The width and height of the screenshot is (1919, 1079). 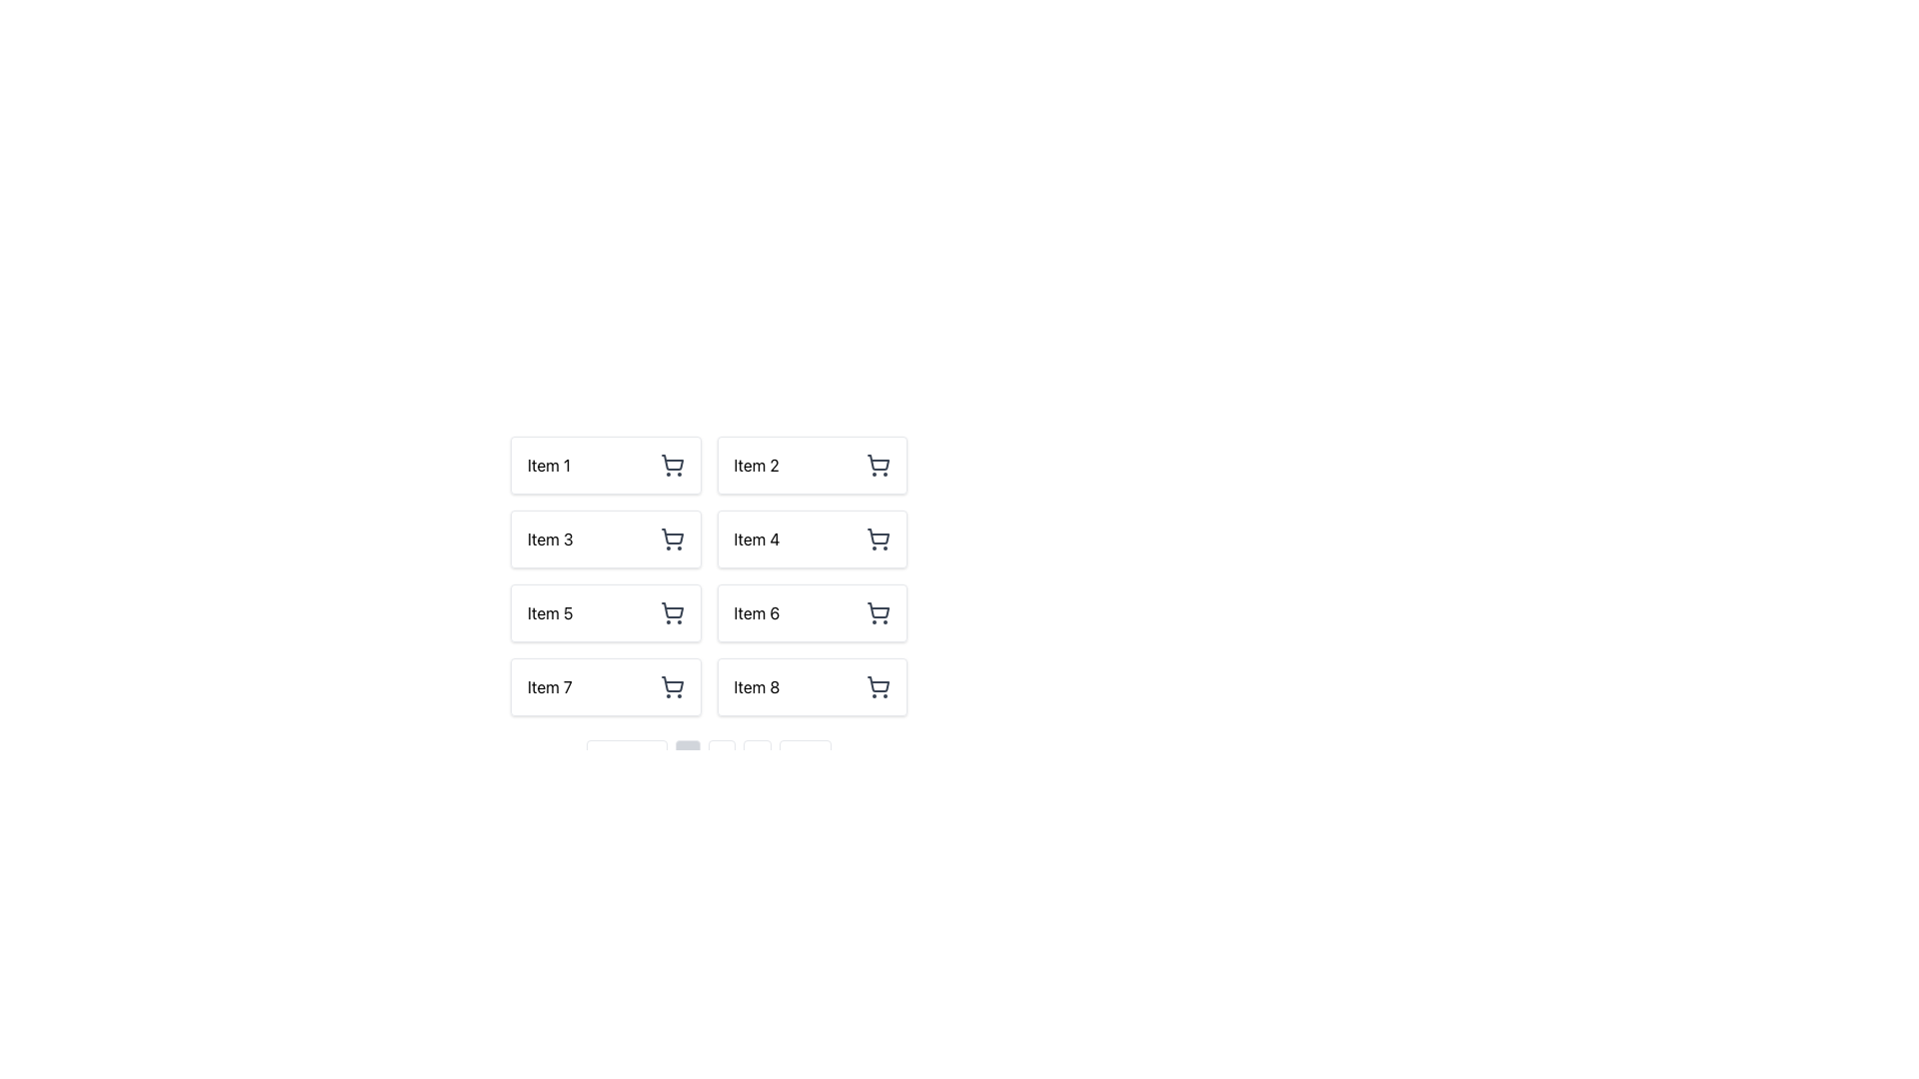 I want to click on the text label that serves as an identifier for a specific item within the list, so click(x=756, y=685).